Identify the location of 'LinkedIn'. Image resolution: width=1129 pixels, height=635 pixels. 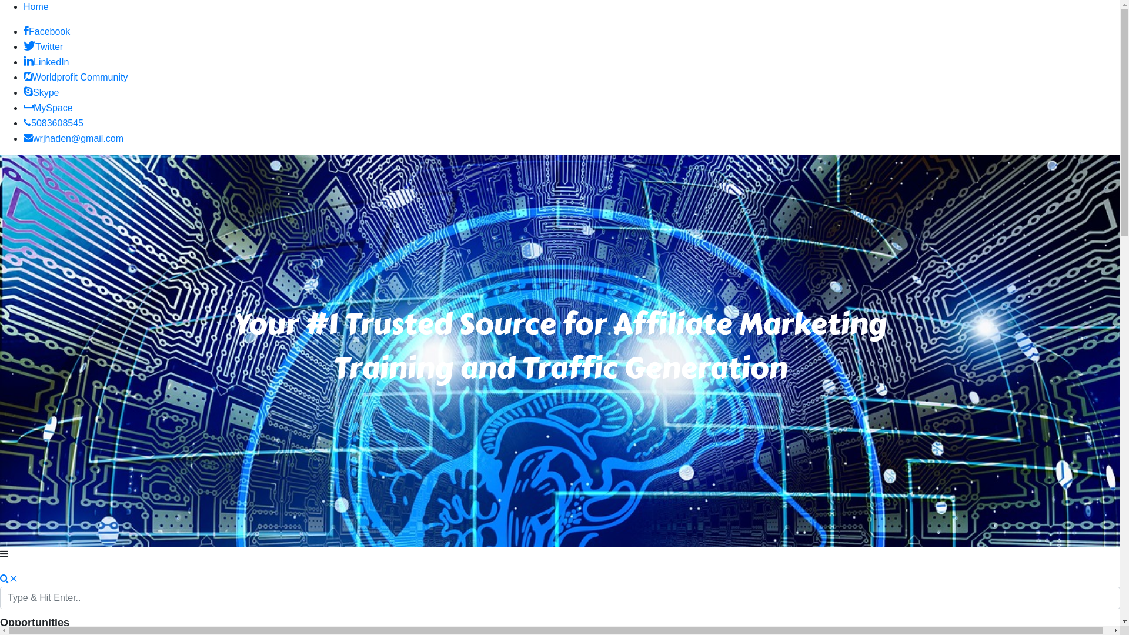
(46, 62).